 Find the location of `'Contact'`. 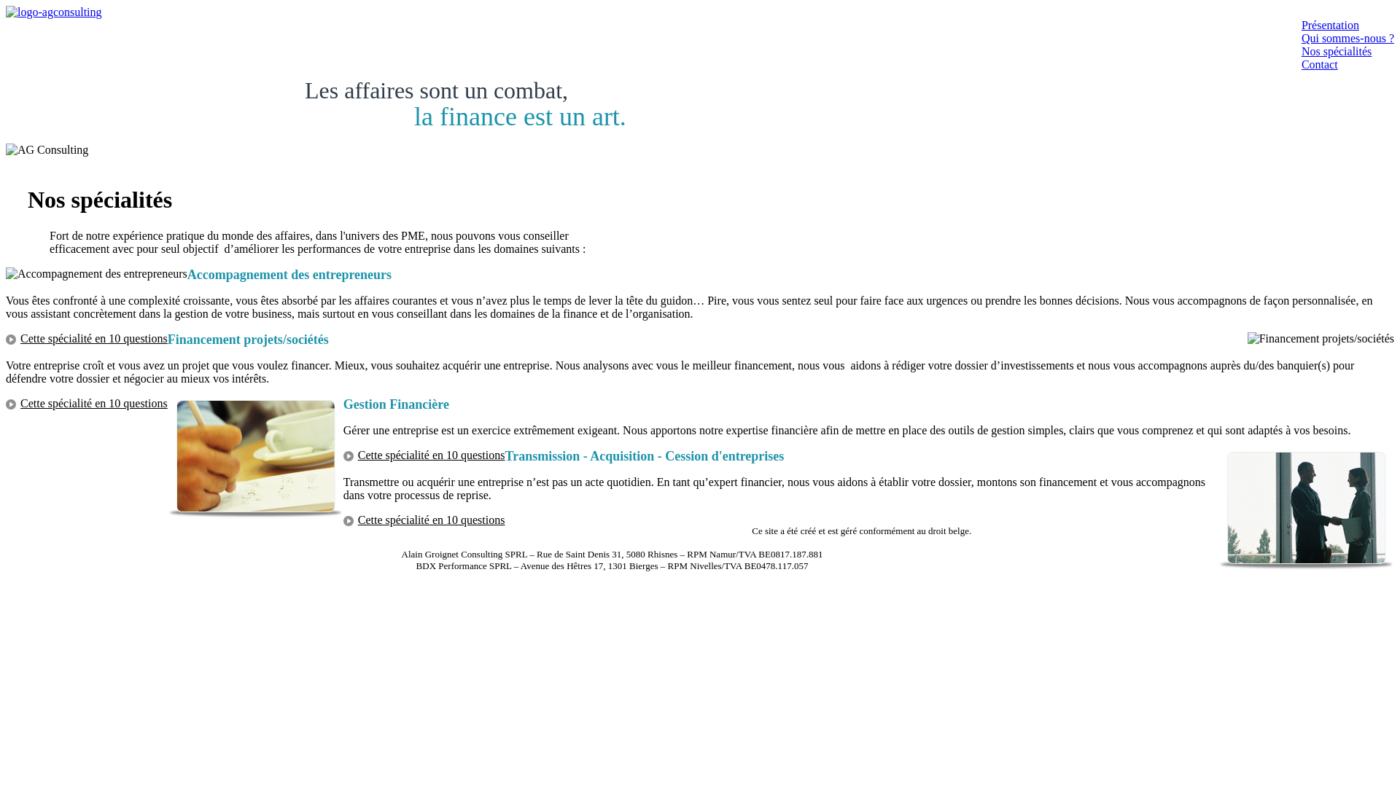

'Contact' is located at coordinates (1319, 63).